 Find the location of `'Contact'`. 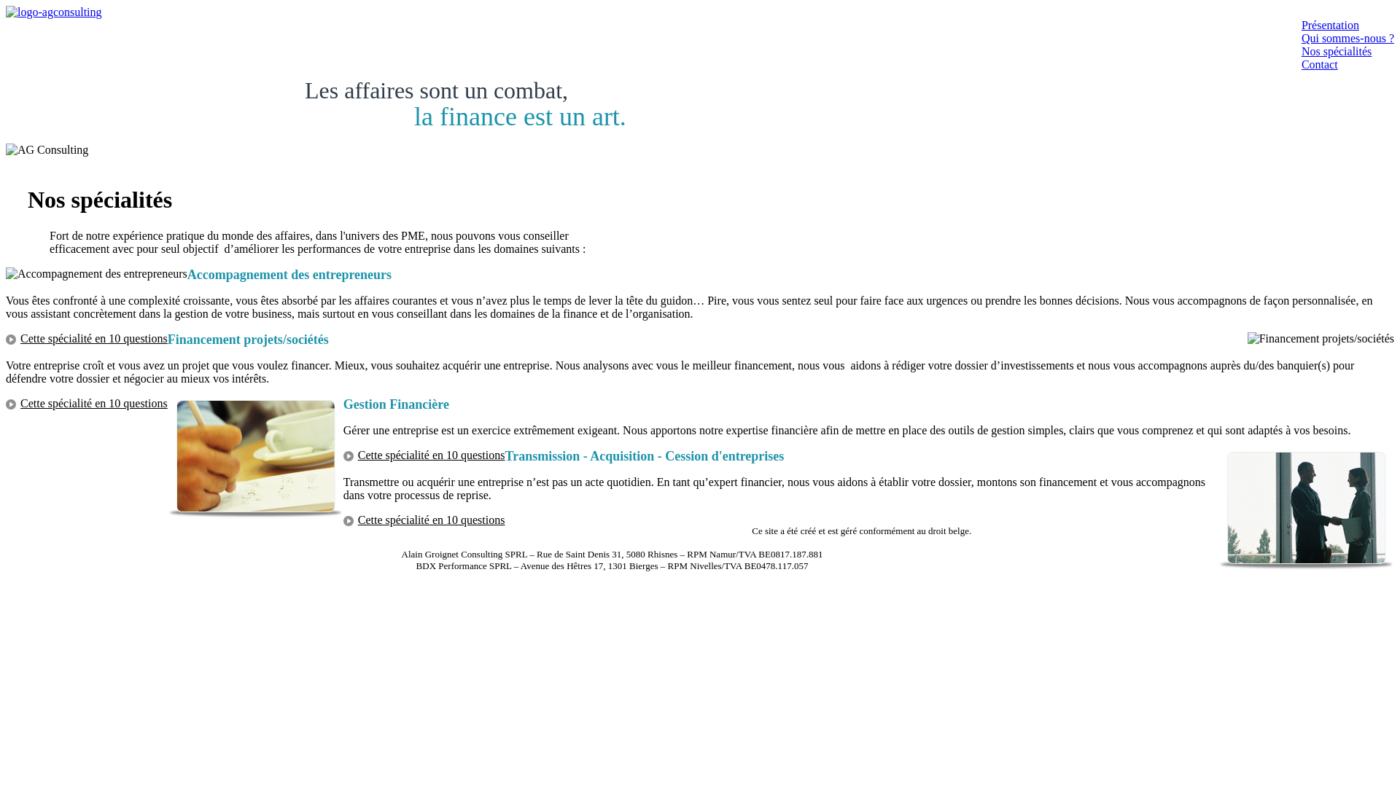

'Contact' is located at coordinates (1319, 63).